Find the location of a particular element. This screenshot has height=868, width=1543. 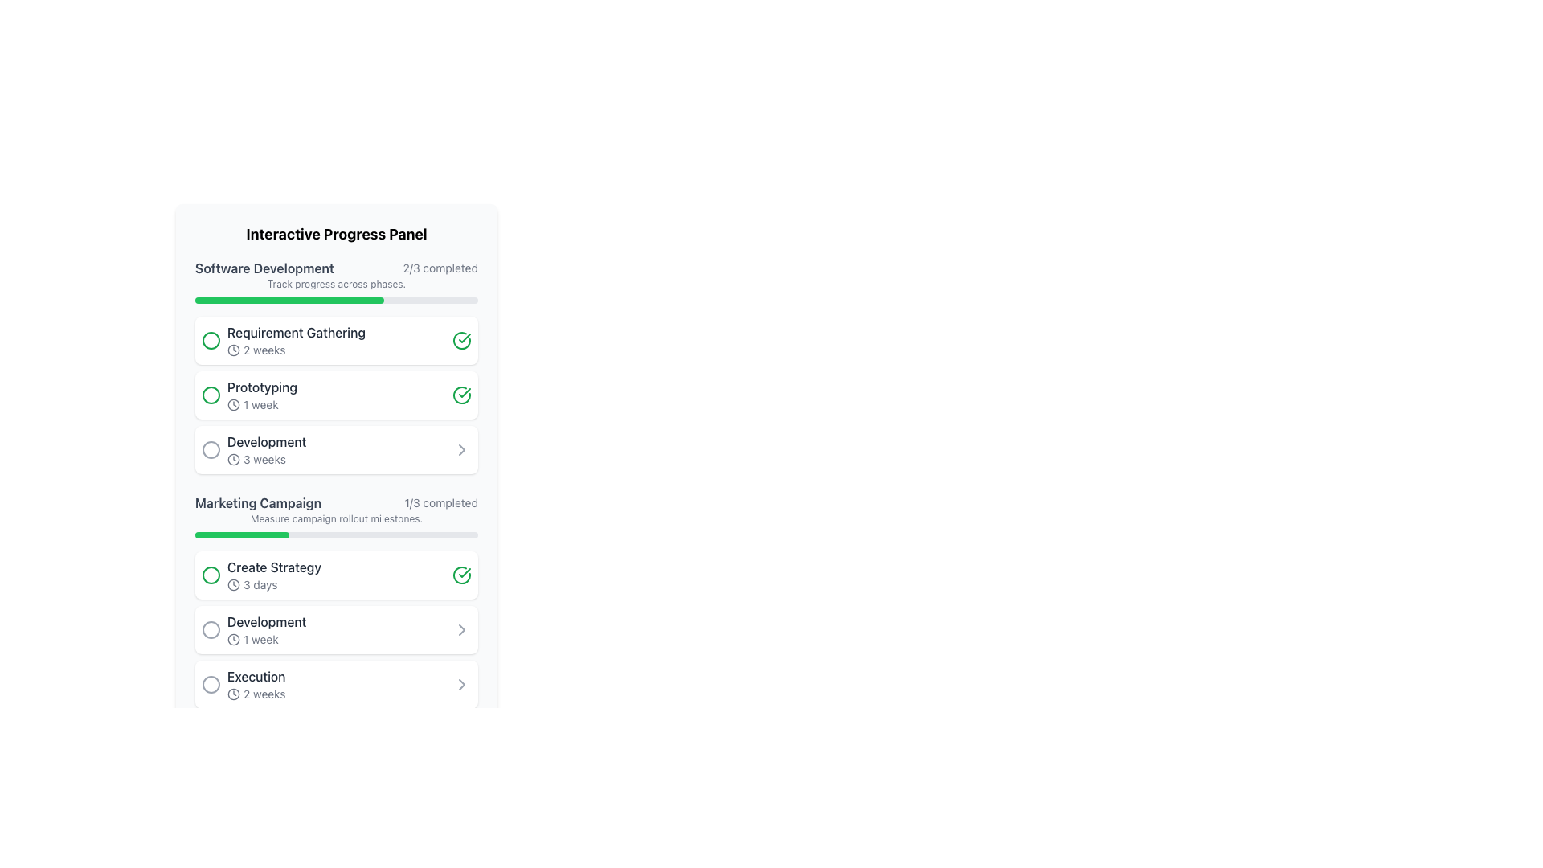

the Text Label indicating the duration of the associated task or project, located in the second section under 'Marketing Campaign' below 'Development.' is located at coordinates (267, 638).